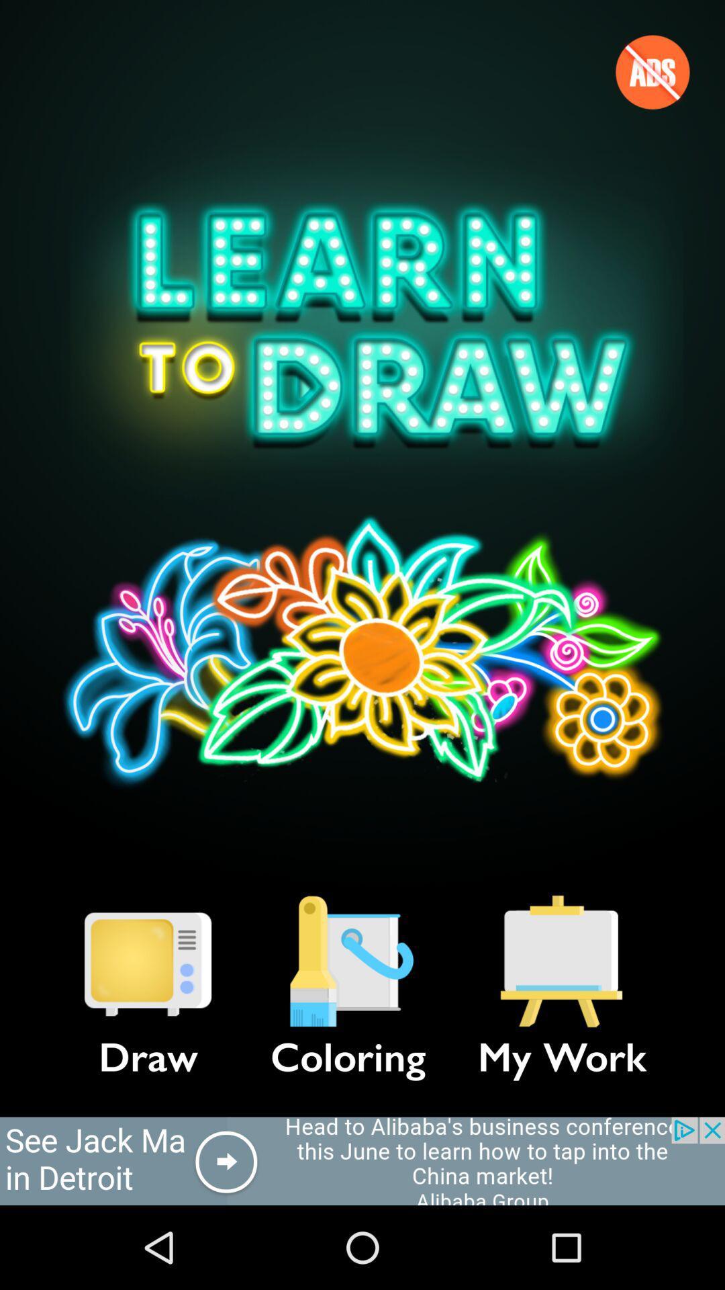 The width and height of the screenshot is (725, 1290). I want to click on the fullscreen icon, so click(562, 961).